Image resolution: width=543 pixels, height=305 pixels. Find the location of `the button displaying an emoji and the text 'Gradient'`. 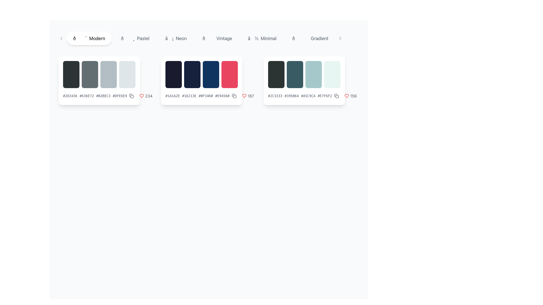

the button displaying an emoji and the text 'Gradient' is located at coordinates (310, 38).